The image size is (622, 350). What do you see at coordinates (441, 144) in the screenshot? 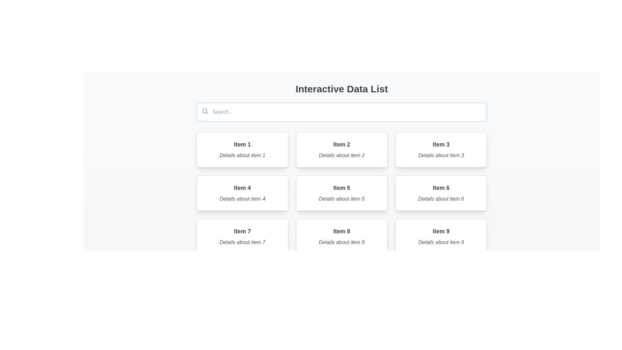
I see `the title text label located at the top of the third card in a 3x3 grid layout` at bounding box center [441, 144].